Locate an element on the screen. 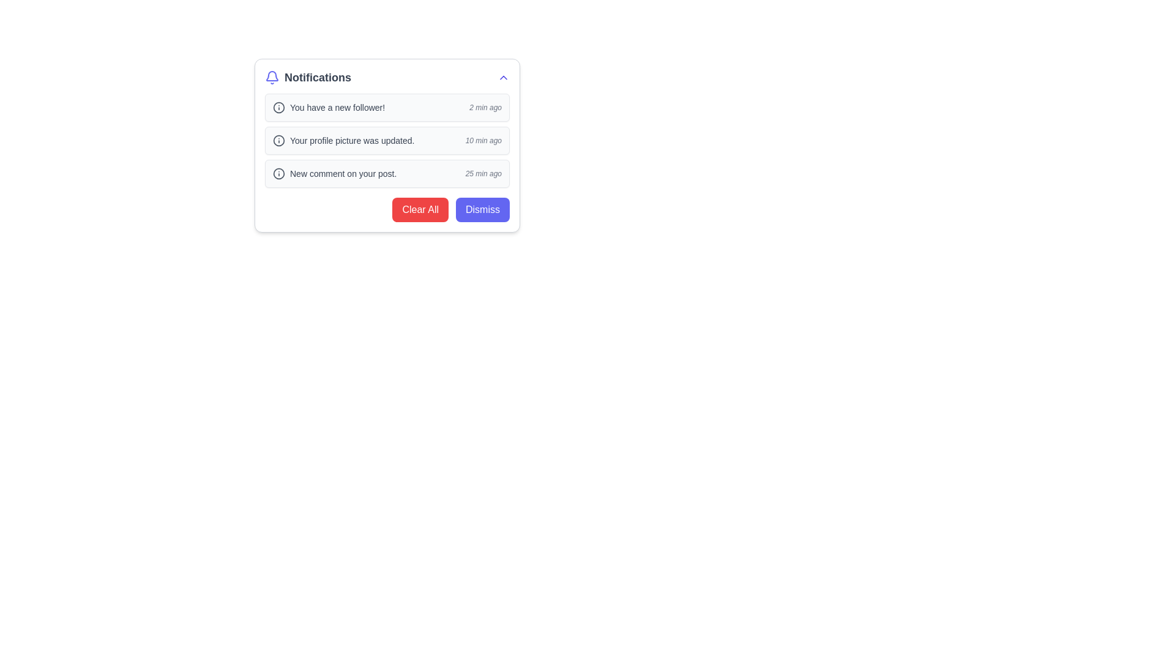 This screenshot has height=661, width=1175. the circular boundary of the notification icon located in the second notification item in the list is located at coordinates (278, 140).